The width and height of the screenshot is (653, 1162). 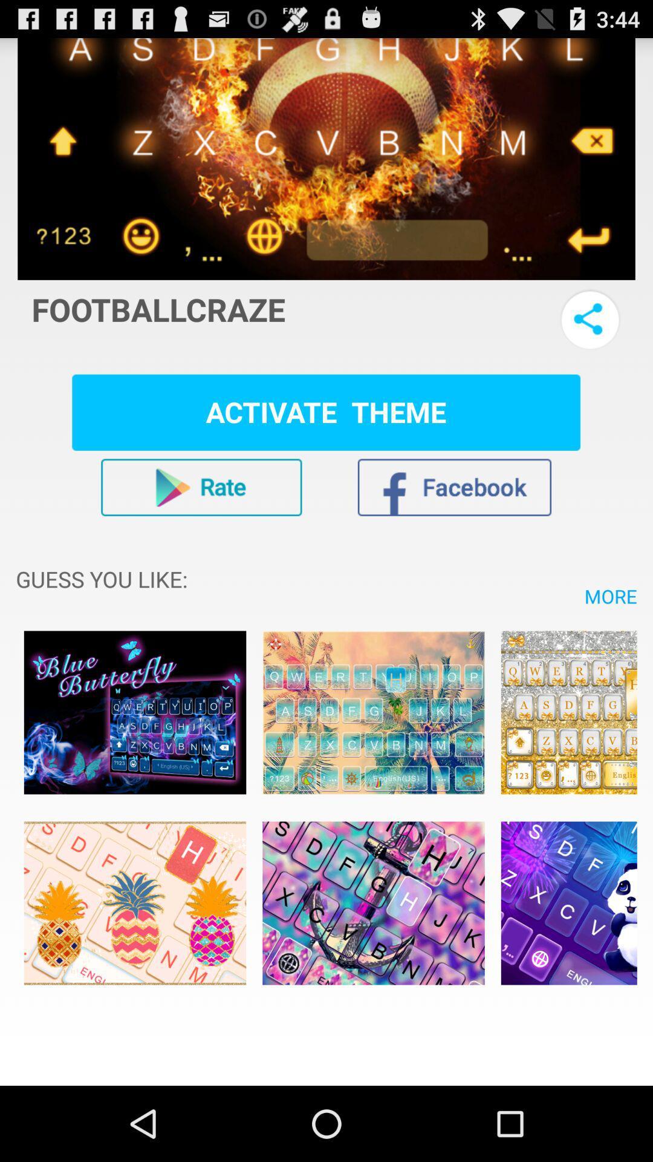 I want to click on to select your choice, so click(x=135, y=712).